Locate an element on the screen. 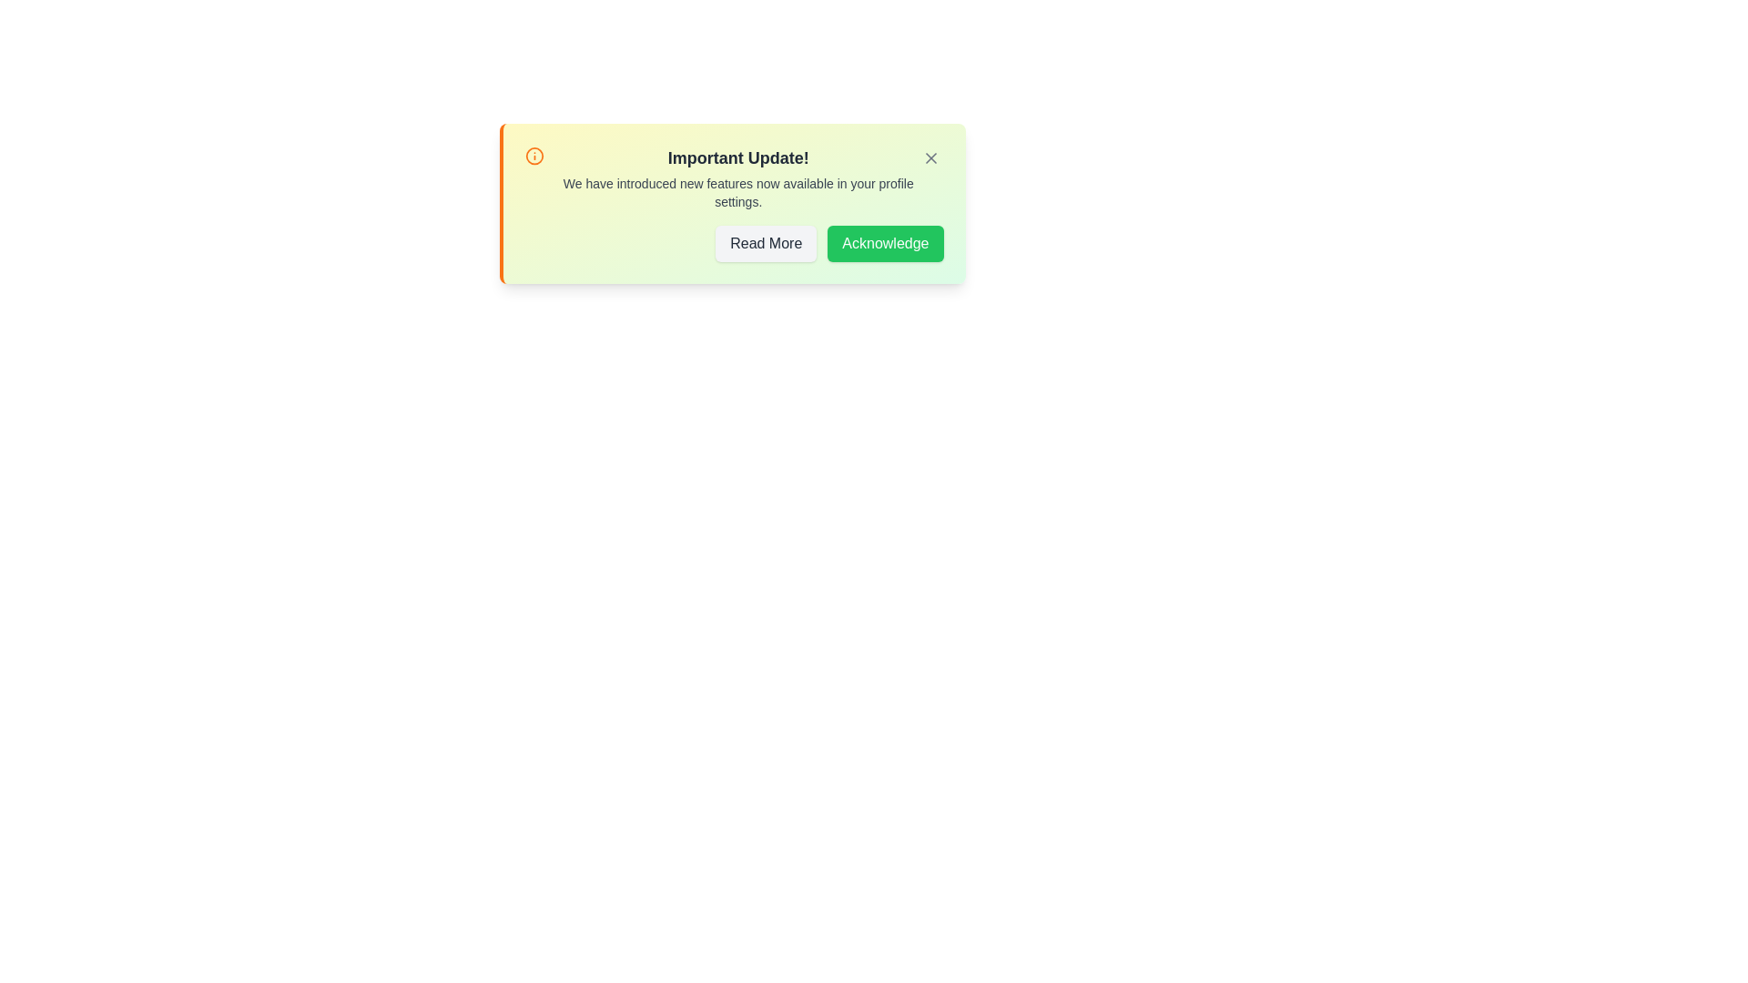 Image resolution: width=1748 pixels, height=983 pixels. the close button in the top-right corner of the alert box is located at coordinates (930, 157).